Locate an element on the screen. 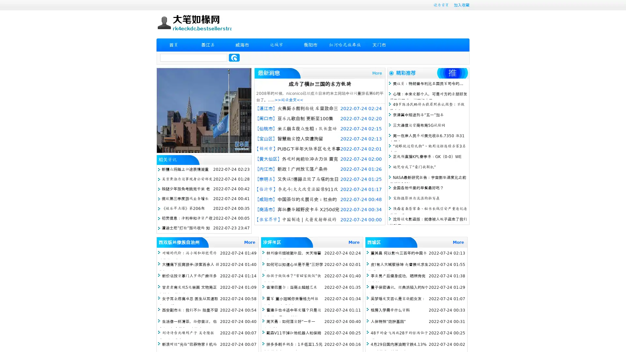 Image resolution: width=626 pixels, height=352 pixels. Search is located at coordinates (234, 57).